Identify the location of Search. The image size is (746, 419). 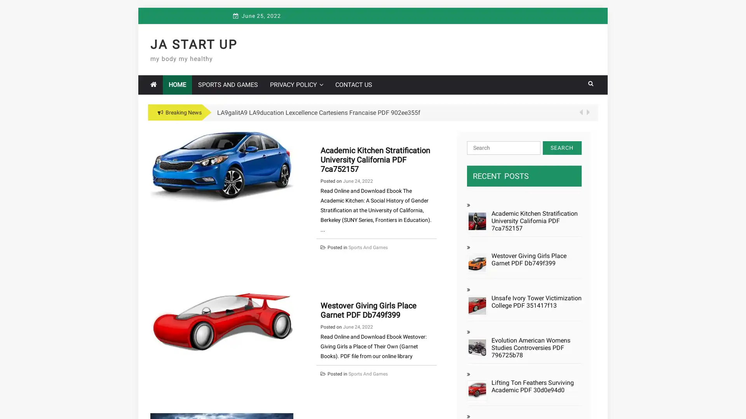
(561, 147).